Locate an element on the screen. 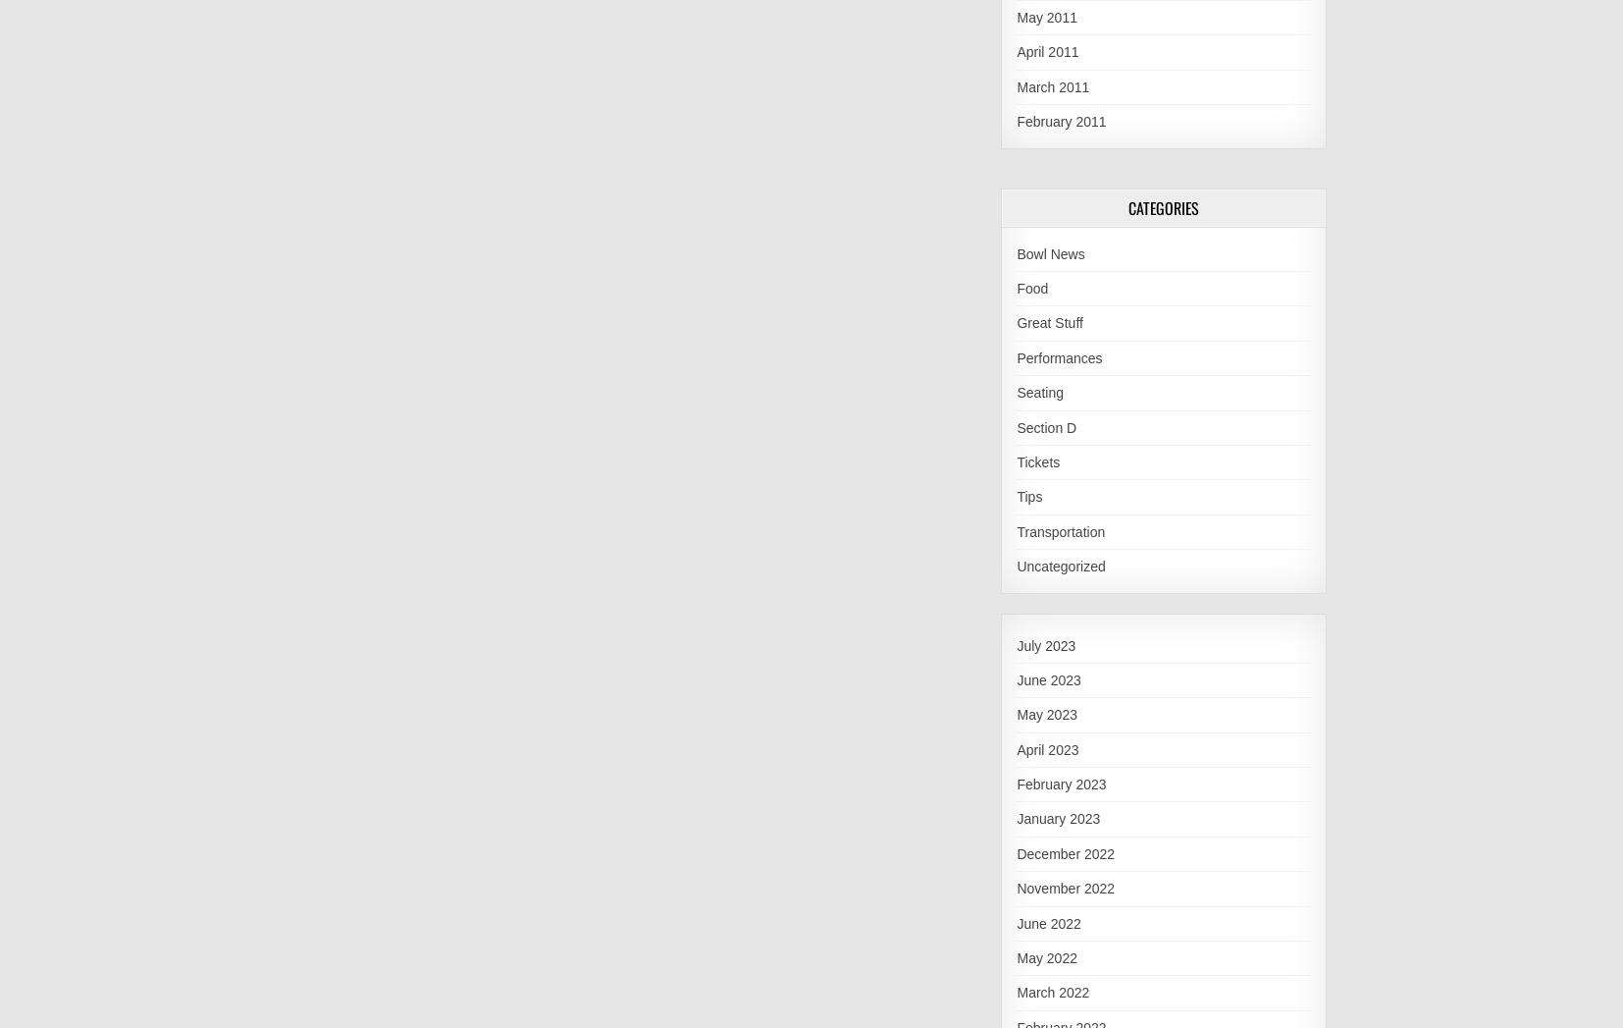 The image size is (1623, 1028). 'February 2023' is located at coordinates (1016, 783).